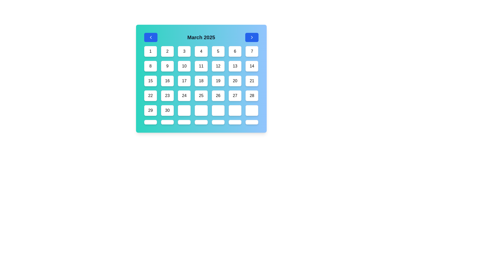  I want to click on the clickable date cell representing March 12, 2025 in the calendar layout, so click(218, 66).